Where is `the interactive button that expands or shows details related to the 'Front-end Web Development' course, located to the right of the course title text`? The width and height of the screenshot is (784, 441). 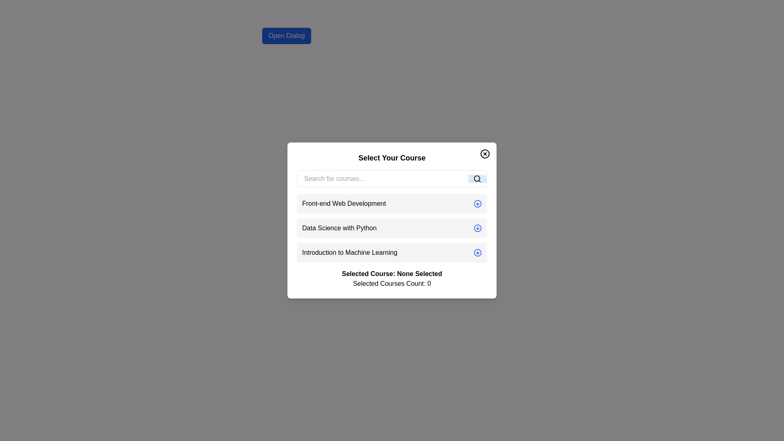 the interactive button that expands or shows details related to the 'Front-end Web Development' course, located to the right of the course title text is located at coordinates (478, 203).